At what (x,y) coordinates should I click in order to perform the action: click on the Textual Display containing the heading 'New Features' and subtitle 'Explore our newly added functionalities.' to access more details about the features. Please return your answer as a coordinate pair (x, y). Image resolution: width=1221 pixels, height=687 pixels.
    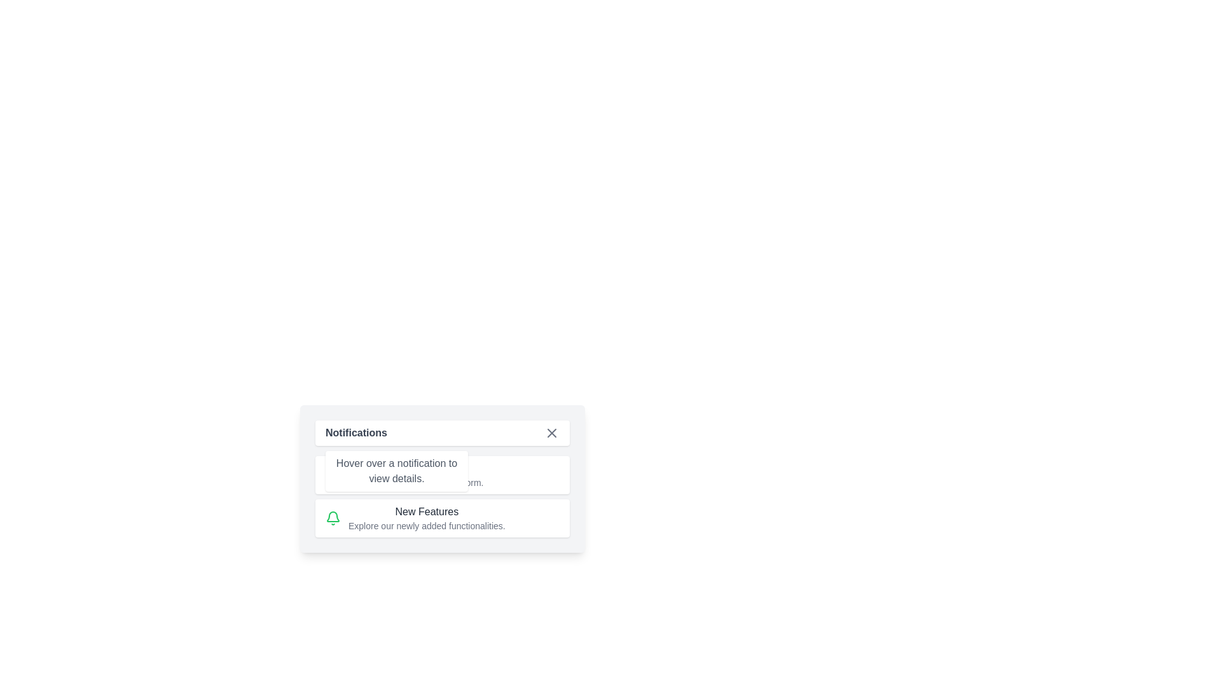
    Looking at the image, I should click on (427, 518).